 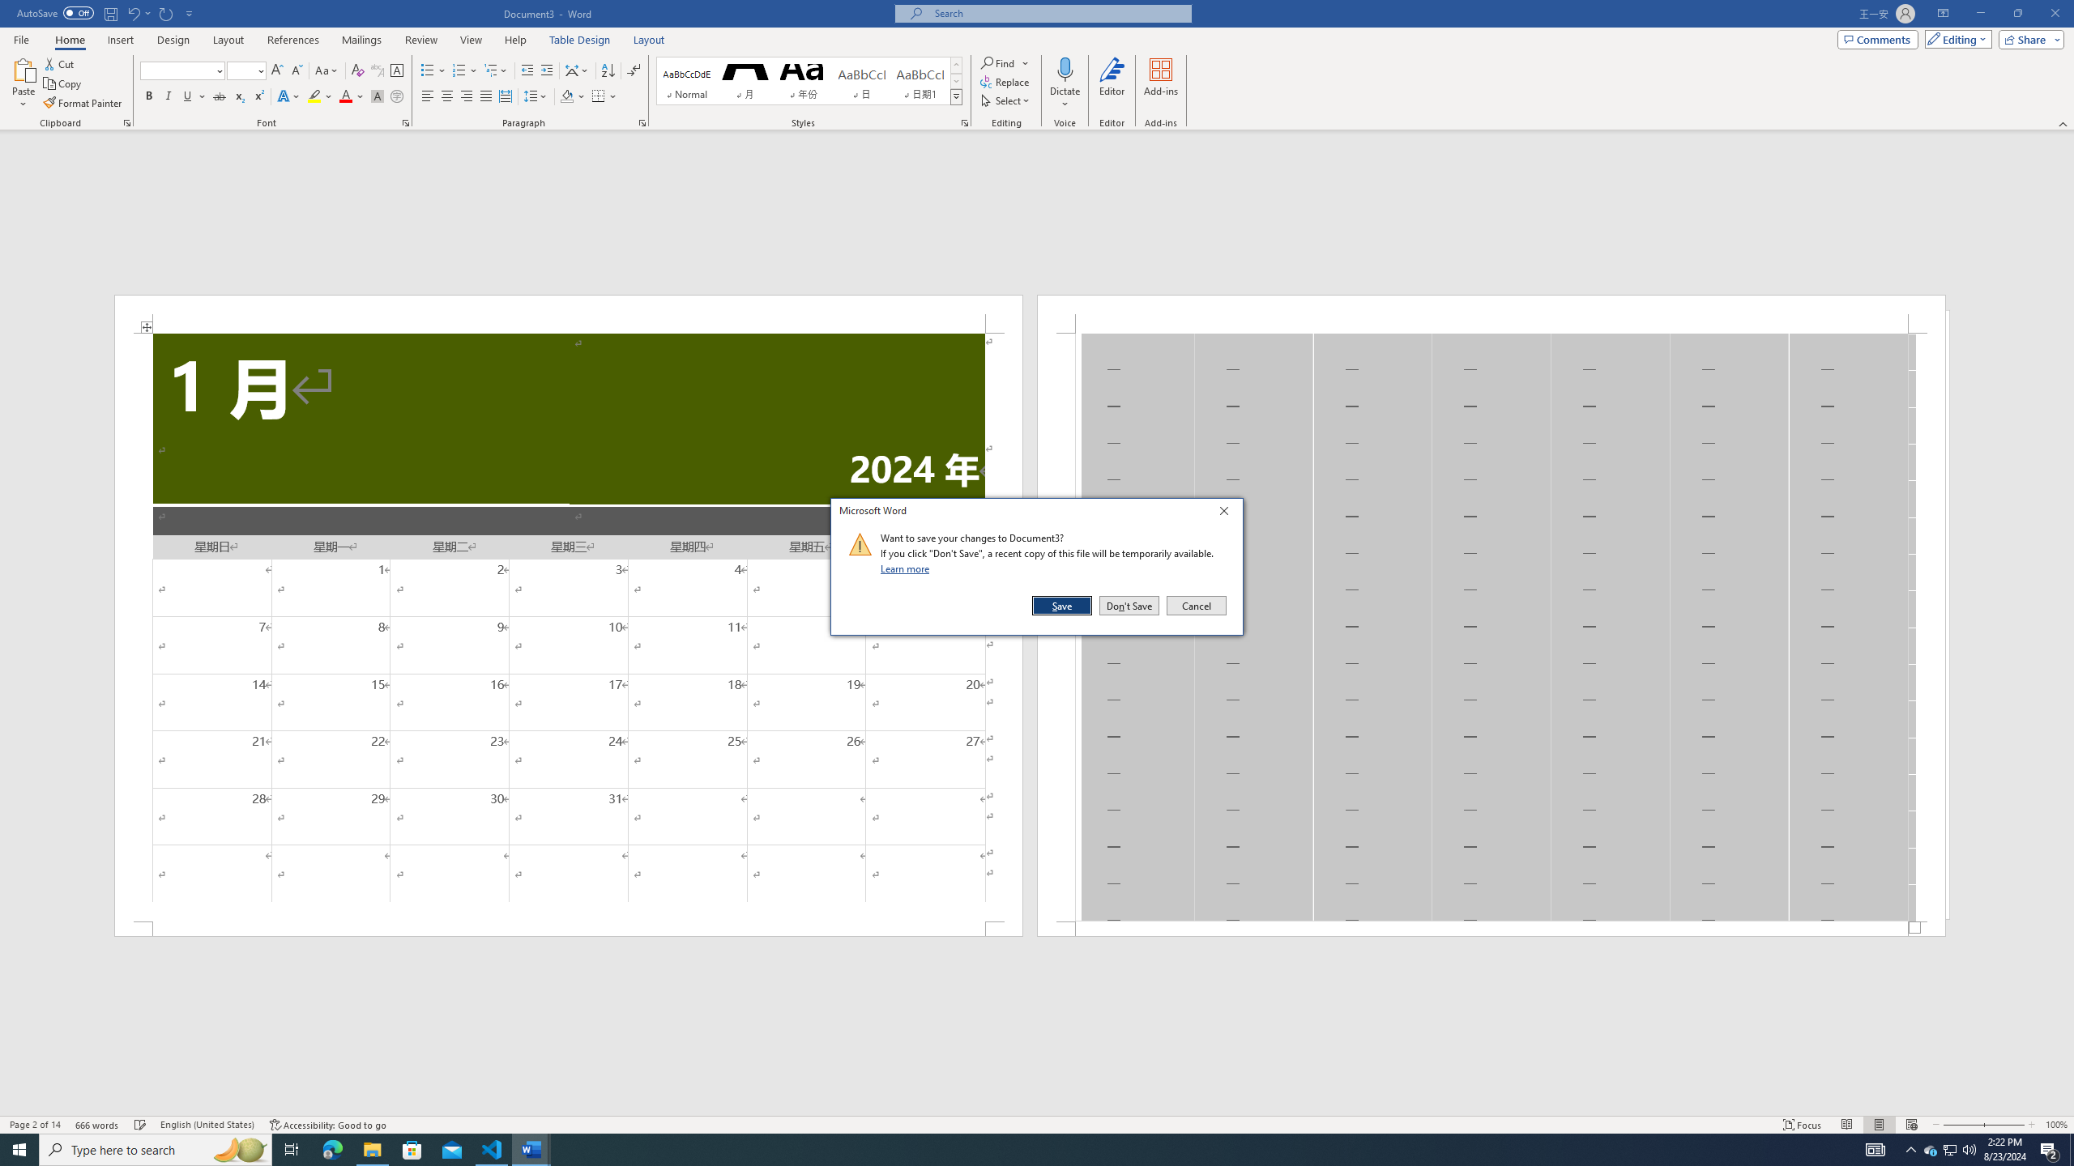 I want to click on 'Align Right', so click(x=466, y=96).